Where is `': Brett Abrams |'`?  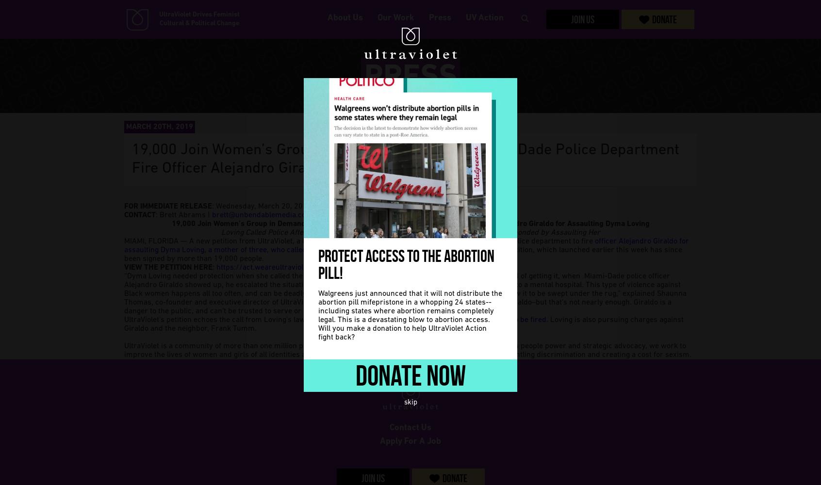 ': Brett Abrams |' is located at coordinates (184, 214).